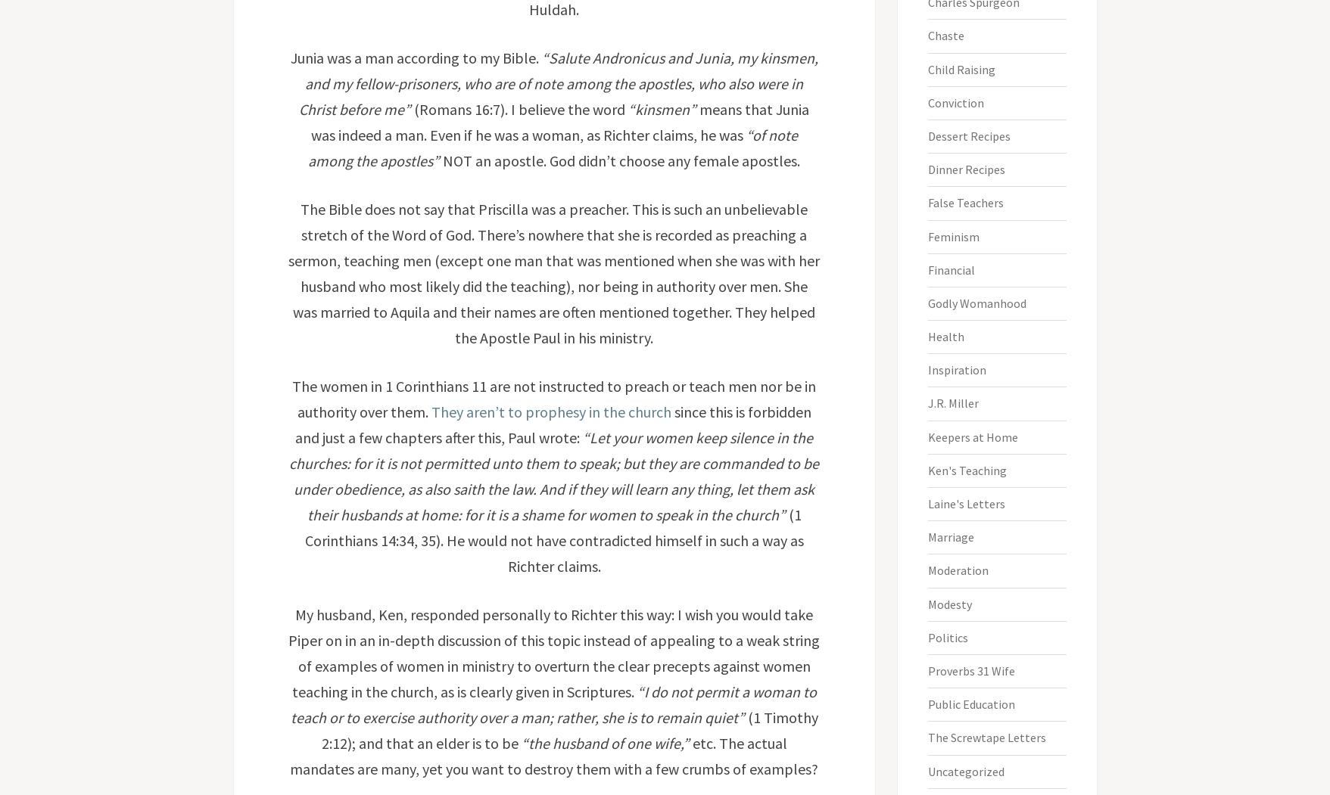 This screenshot has width=1330, height=795. What do you see at coordinates (553, 539) in the screenshot?
I see `'(1 Corinthians 14:34, 35). He would not have contradicted himself in such a way as Richter claims.'` at bounding box center [553, 539].